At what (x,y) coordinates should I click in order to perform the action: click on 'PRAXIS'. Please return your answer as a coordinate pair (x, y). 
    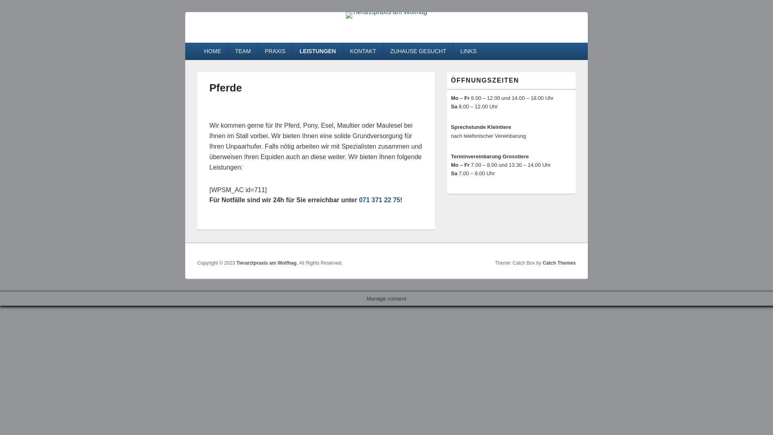
    Looking at the image, I should click on (275, 51).